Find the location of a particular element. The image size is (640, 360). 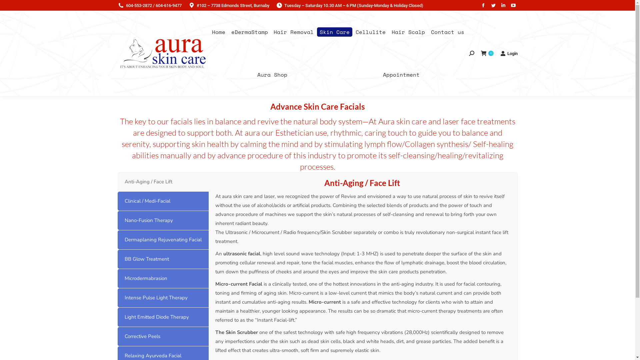

'Microdermabrasion' is located at coordinates (163, 278).